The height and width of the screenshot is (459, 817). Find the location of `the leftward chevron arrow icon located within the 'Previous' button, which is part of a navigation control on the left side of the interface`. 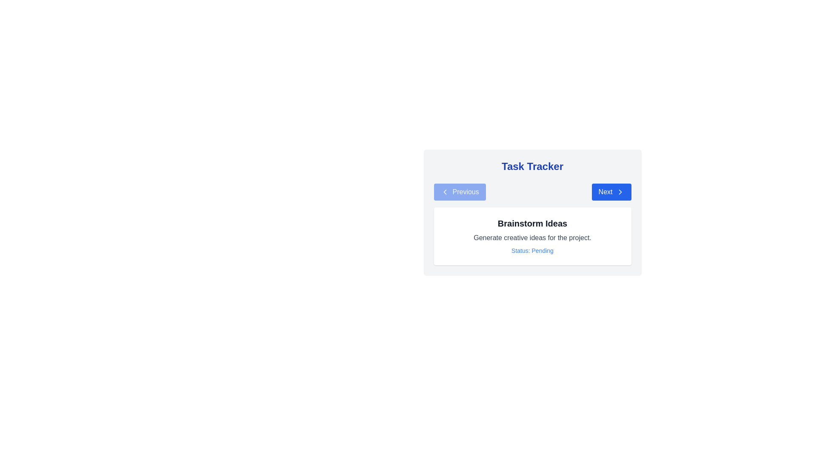

the leftward chevron arrow icon located within the 'Previous' button, which is part of a navigation control on the left side of the interface is located at coordinates (444, 192).